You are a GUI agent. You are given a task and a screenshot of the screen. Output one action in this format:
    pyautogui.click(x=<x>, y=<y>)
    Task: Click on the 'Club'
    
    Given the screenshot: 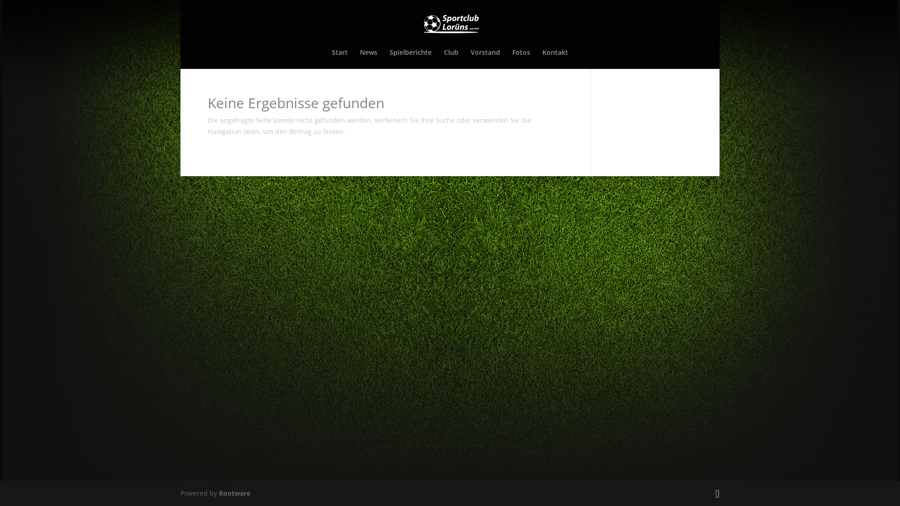 What is the action you would take?
    pyautogui.click(x=451, y=59)
    